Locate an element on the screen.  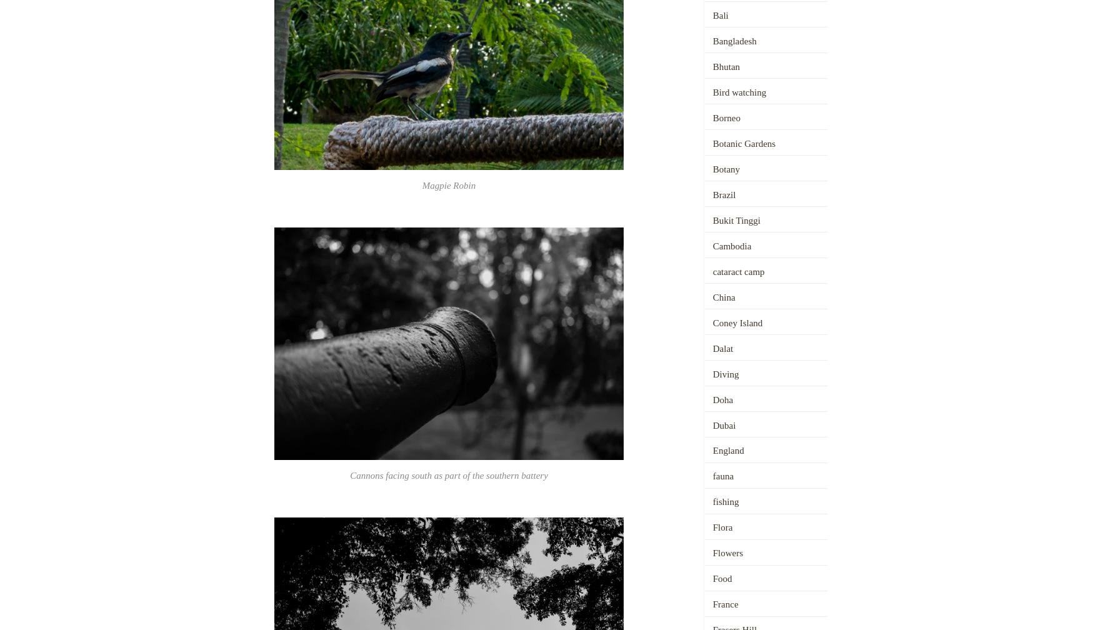
'Bangladesh' is located at coordinates (734, 41).